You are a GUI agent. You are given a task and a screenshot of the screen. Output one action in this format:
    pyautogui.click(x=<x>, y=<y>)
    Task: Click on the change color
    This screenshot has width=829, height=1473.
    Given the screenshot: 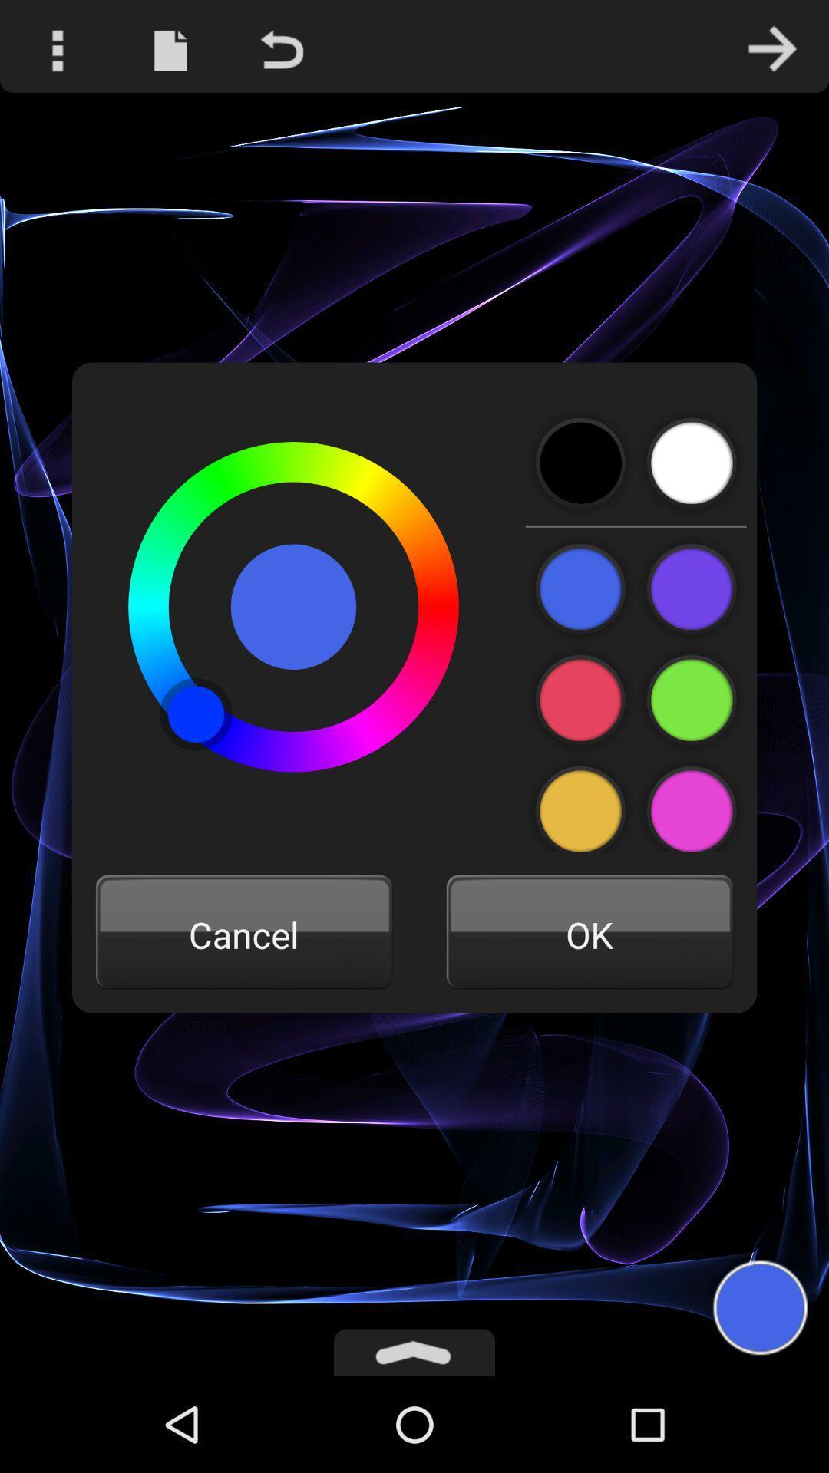 What is the action you would take?
    pyautogui.click(x=581, y=588)
    